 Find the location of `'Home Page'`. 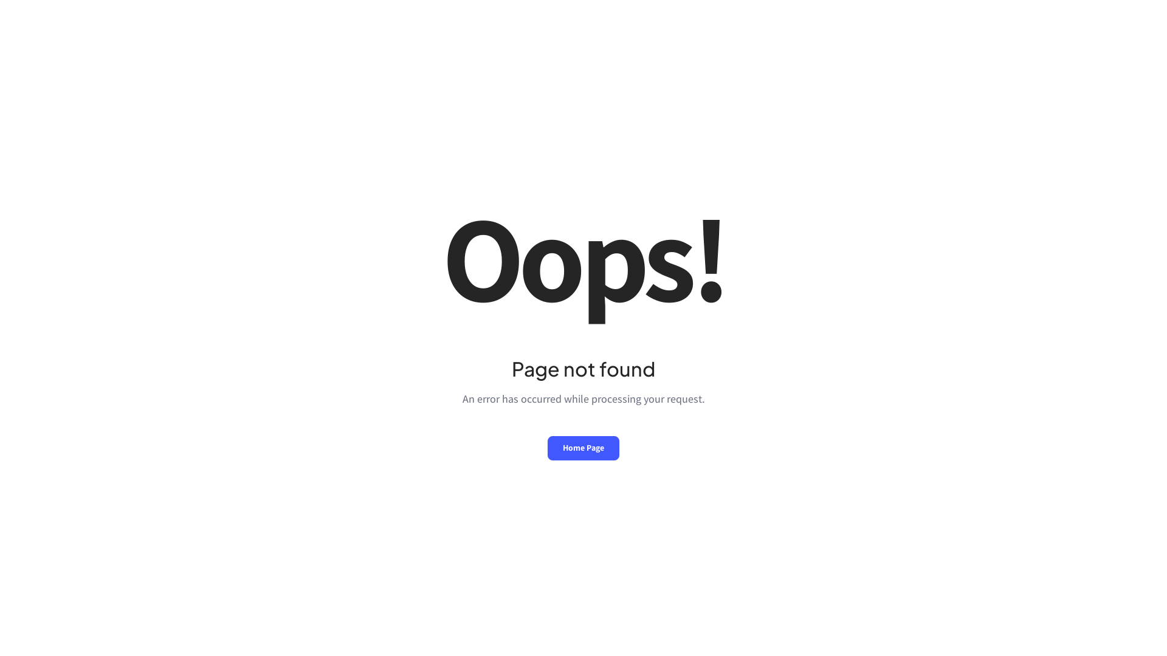

'Home Page' is located at coordinates (583, 448).